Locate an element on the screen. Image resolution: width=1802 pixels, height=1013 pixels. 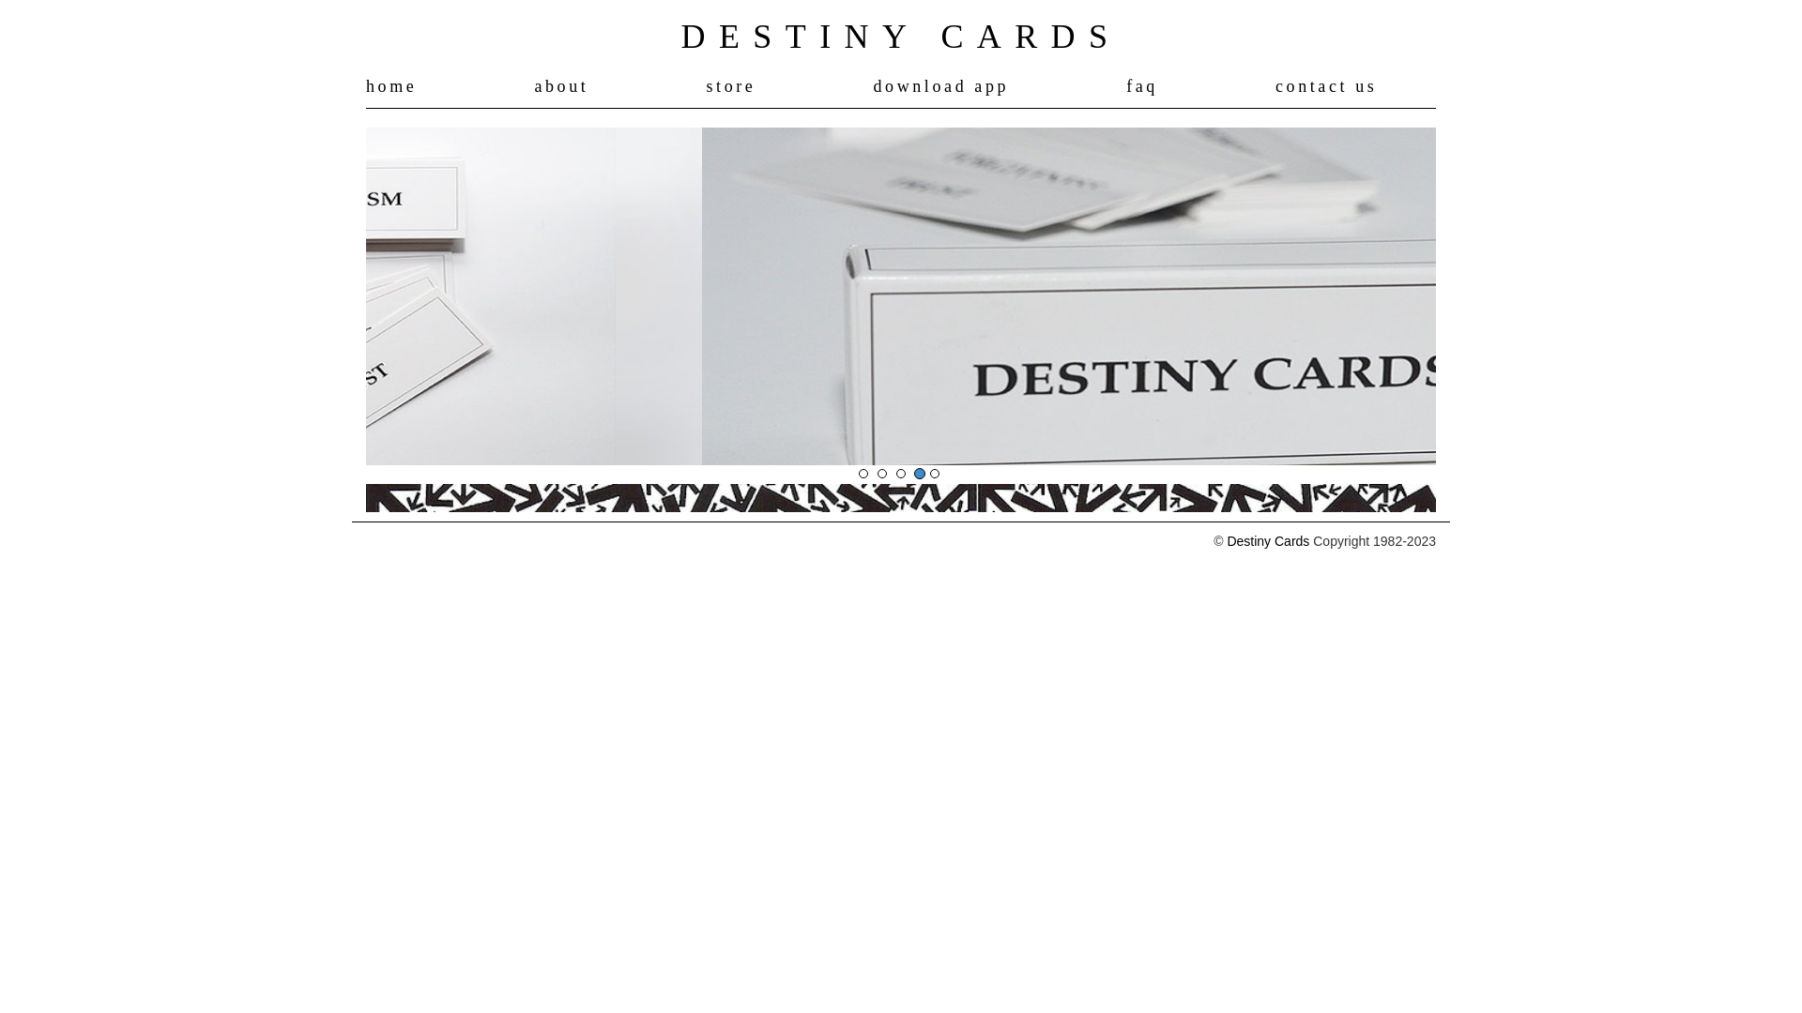
'about' is located at coordinates (560, 86).